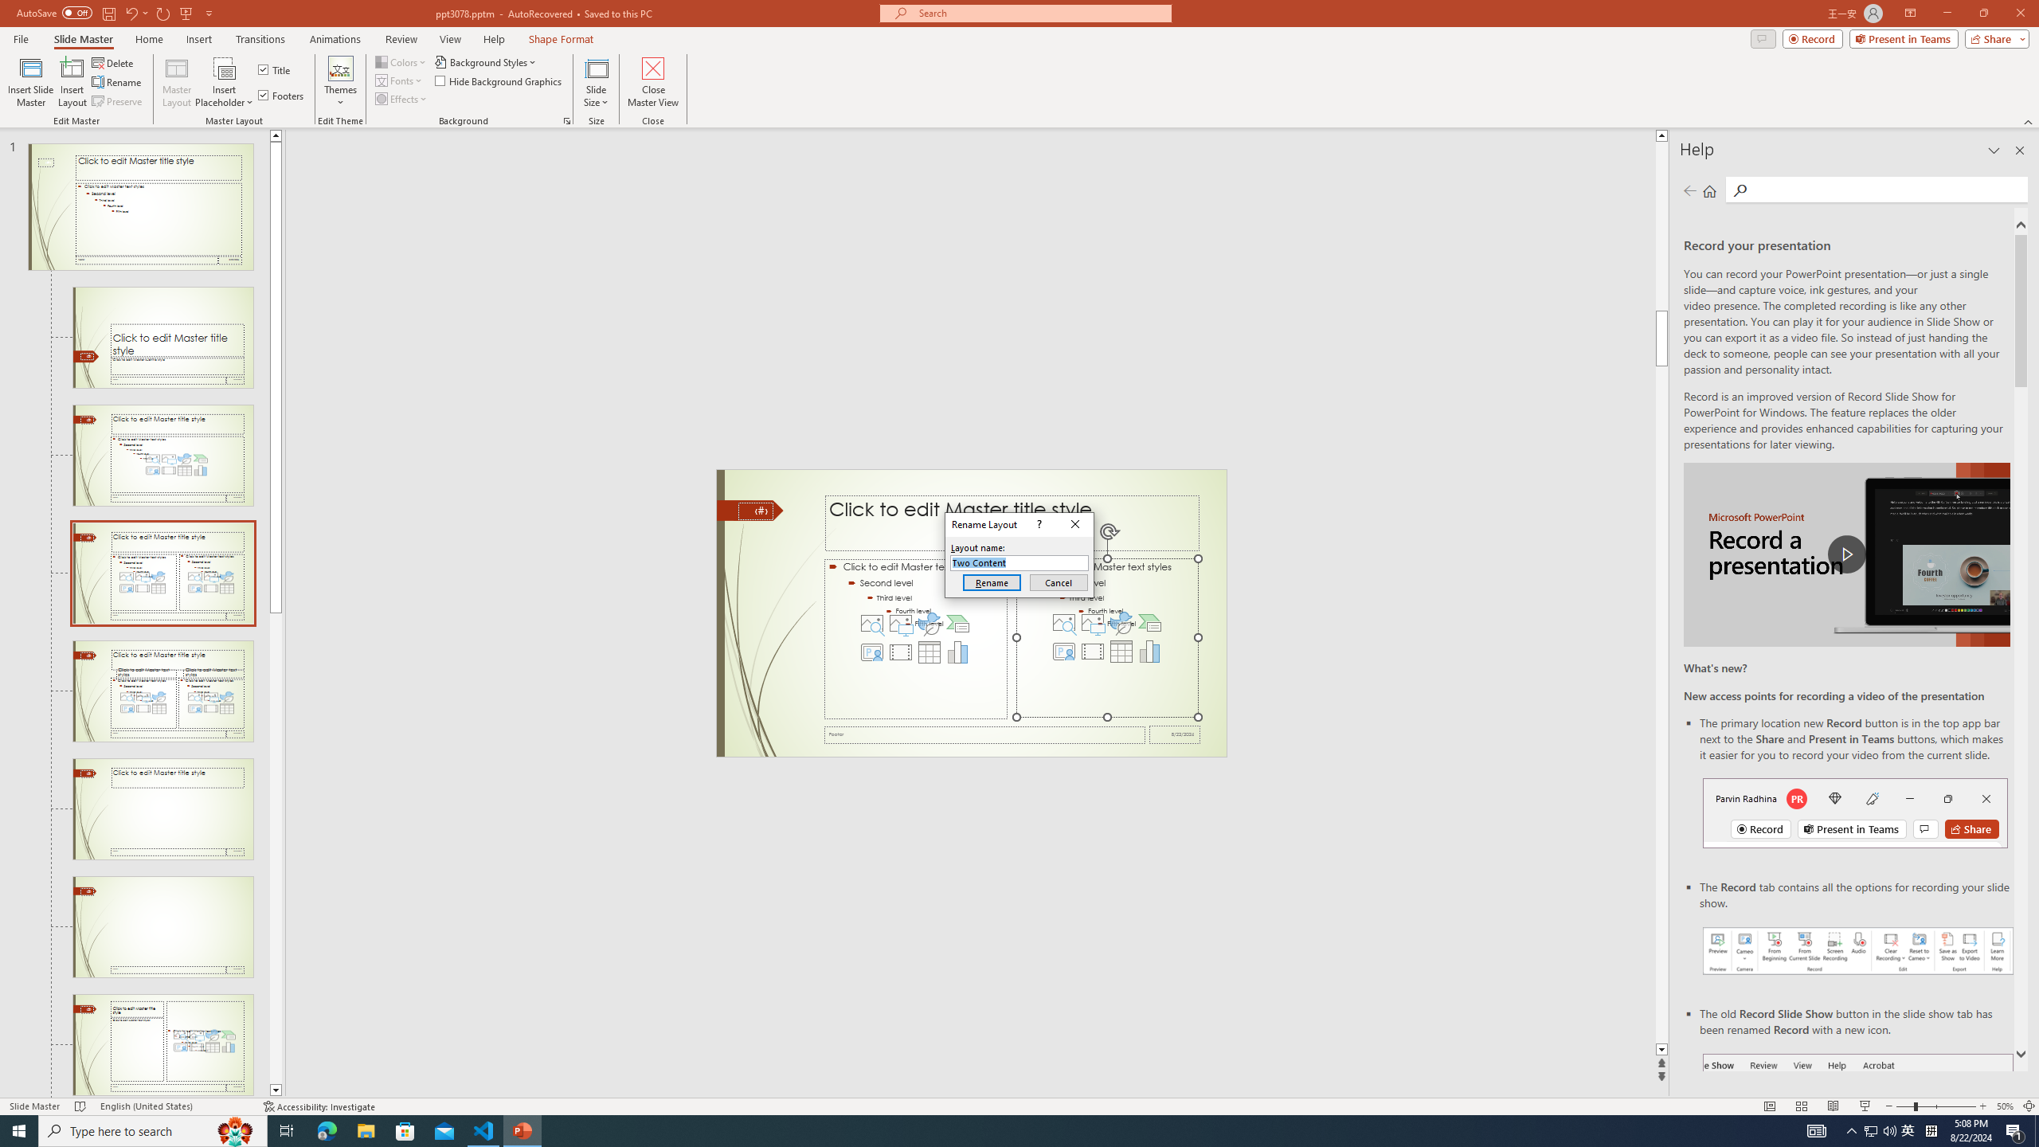 The image size is (2039, 1147). What do you see at coordinates (652, 82) in the screenshot?
I see `'Close Master View'` at bounding box center [652, 82].